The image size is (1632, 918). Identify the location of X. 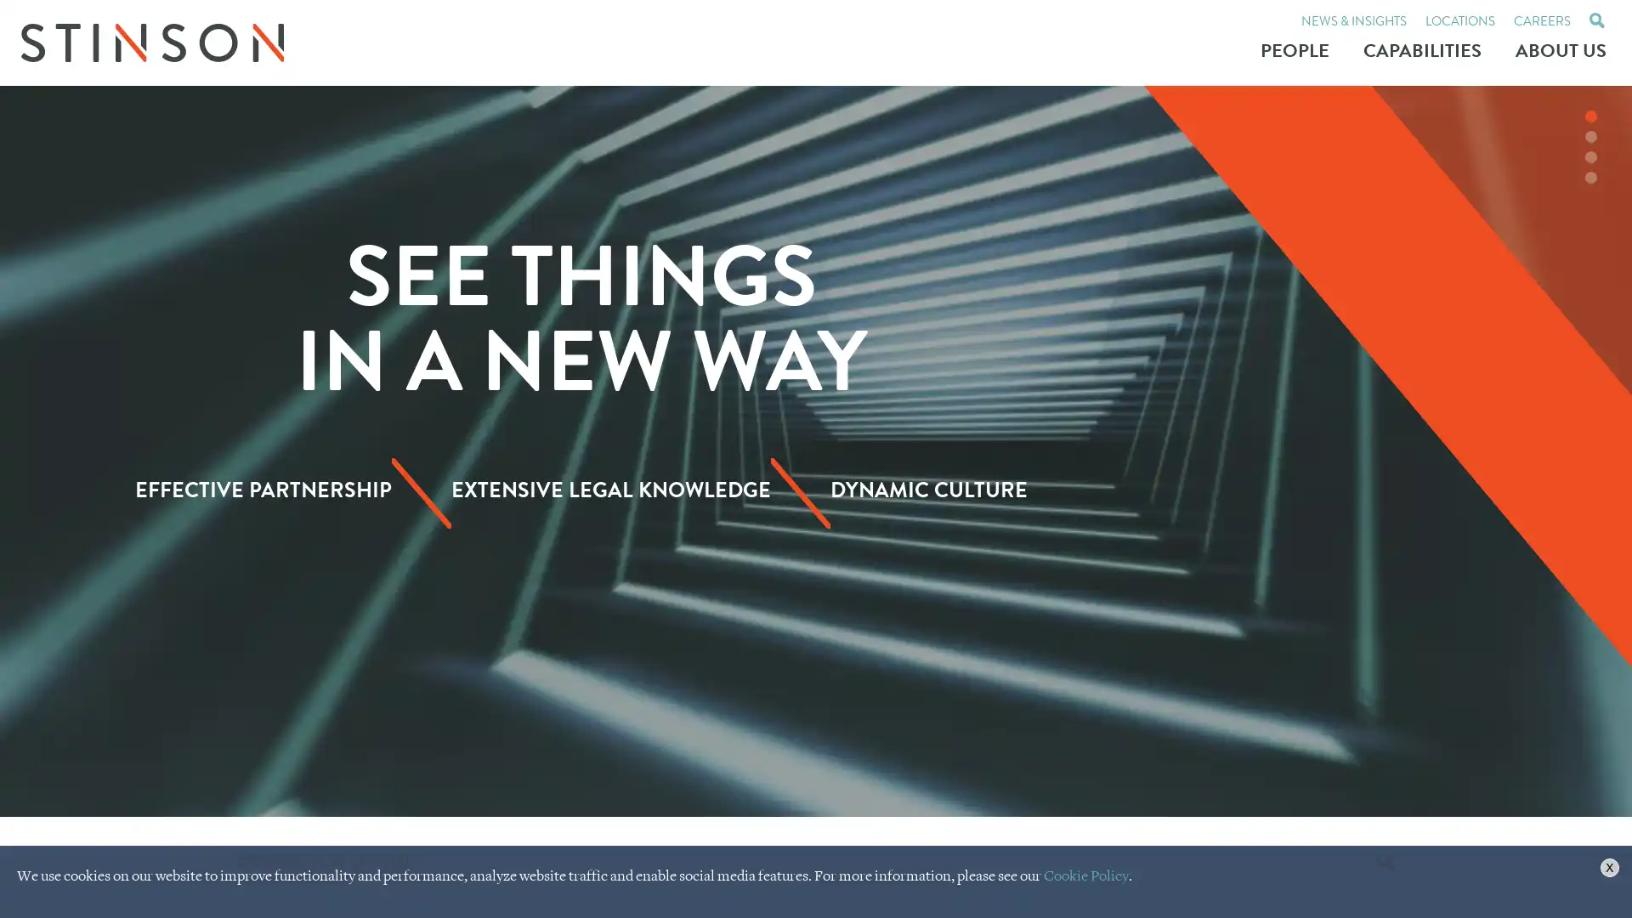
(1609, 866).